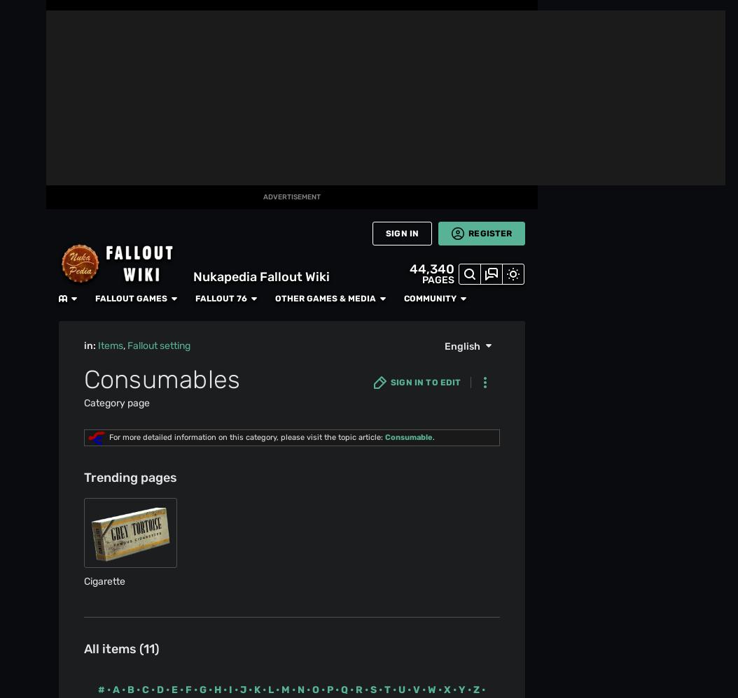  What do you see at coordinates (8, 45) in the screenshot?
I see `'FANDOM'` at bounding box center [8, 45].